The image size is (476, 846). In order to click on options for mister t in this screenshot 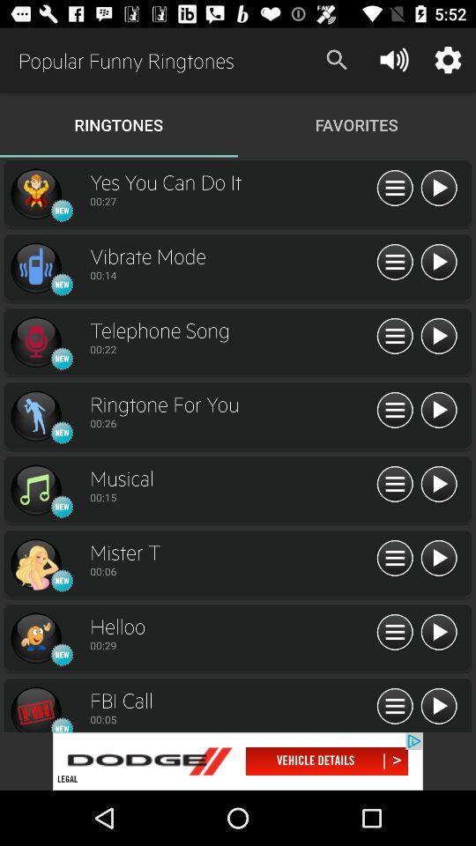, I will do `click(395, 558)`.